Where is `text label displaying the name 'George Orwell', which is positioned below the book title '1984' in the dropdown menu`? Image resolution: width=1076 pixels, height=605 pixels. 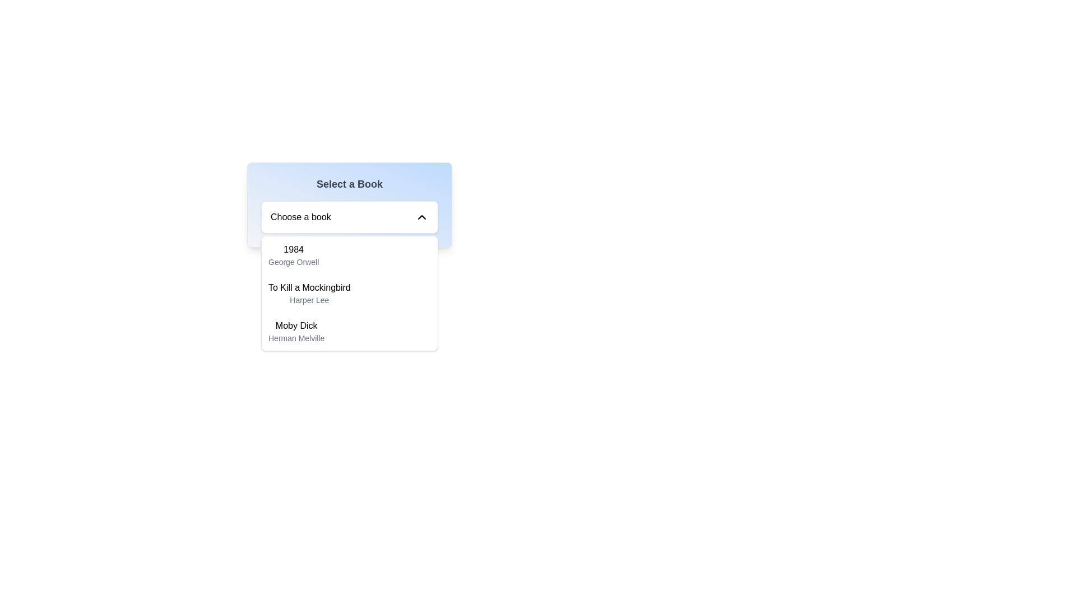
text label displaying the name 'George Orwell', which is positioned below the book title '1984' in the dropdown menu is located at coordinates (294, 262).